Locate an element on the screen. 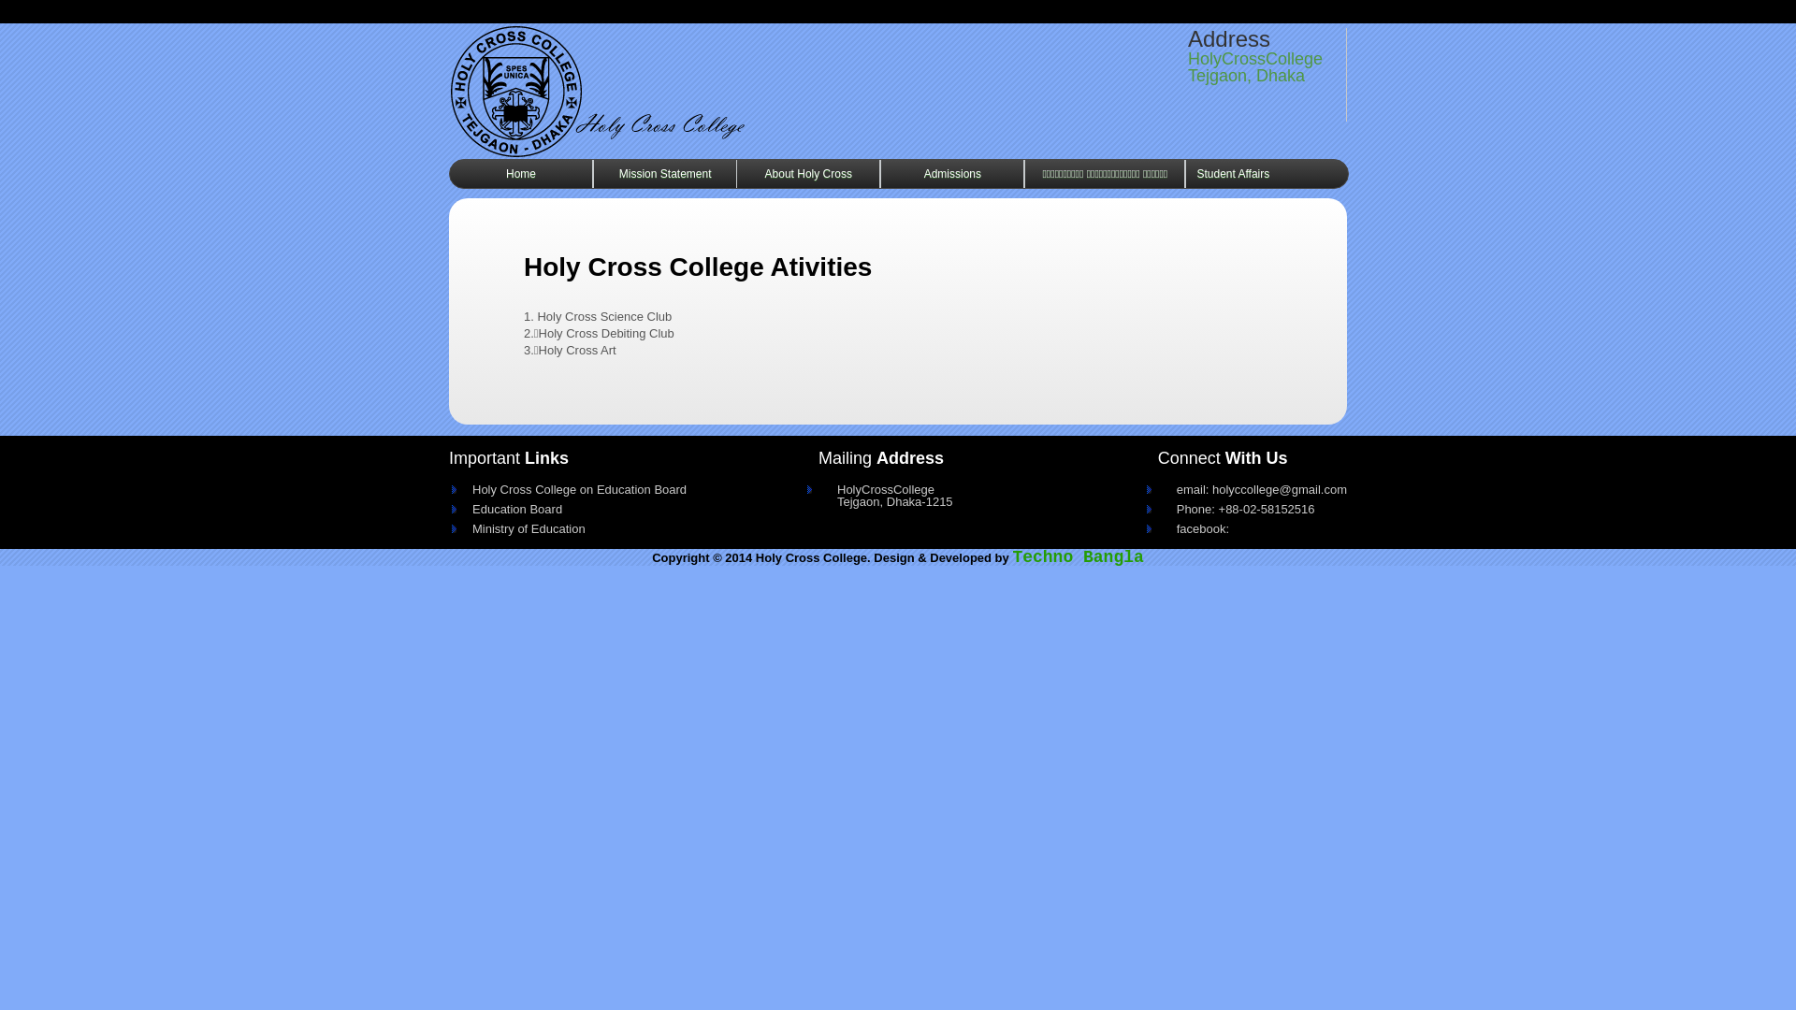 This screenshot has height=1010, width=1796. 'HolyCrossCollege' is located at coordinates (673, 90).